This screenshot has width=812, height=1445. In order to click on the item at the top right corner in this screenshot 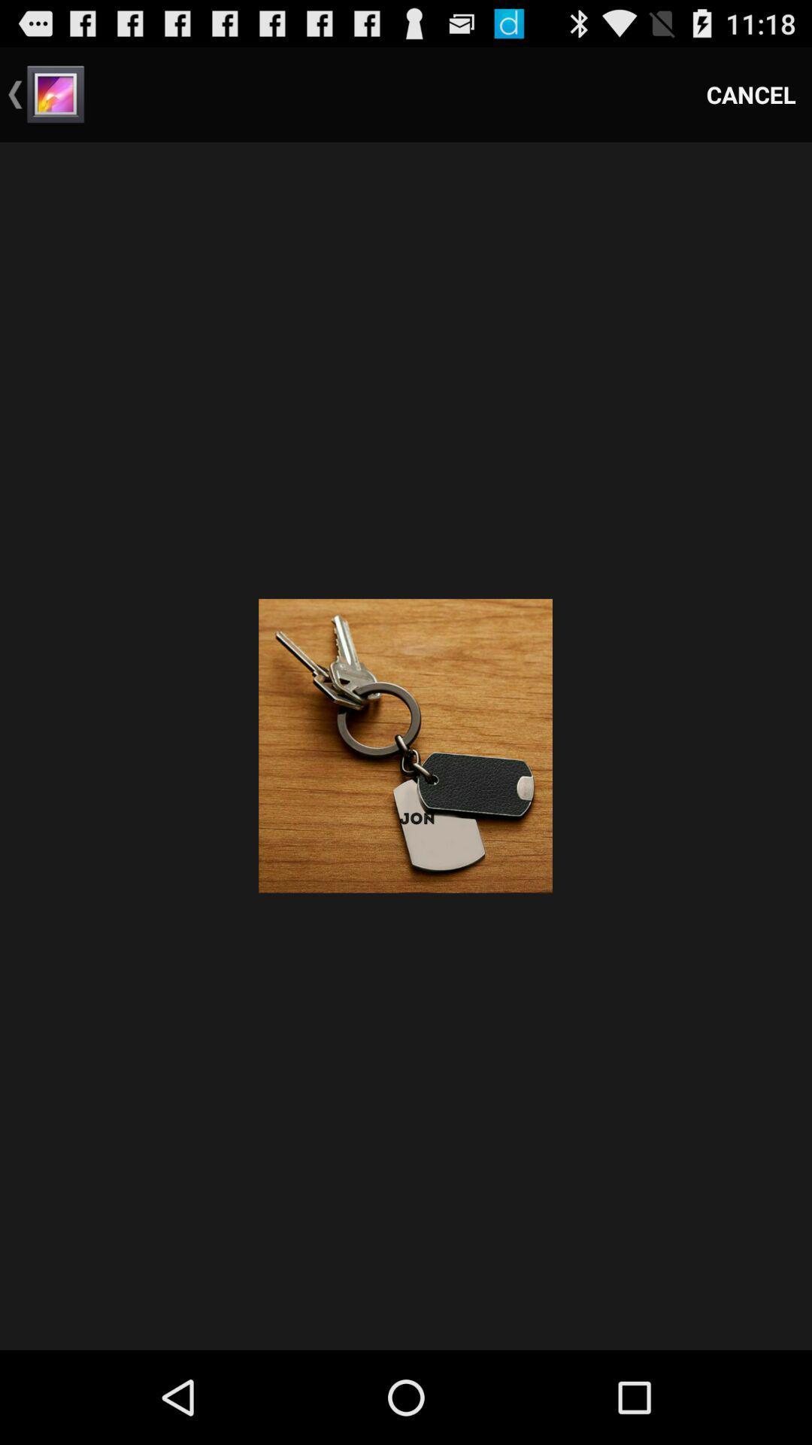, I will do `click(751, 93)`.